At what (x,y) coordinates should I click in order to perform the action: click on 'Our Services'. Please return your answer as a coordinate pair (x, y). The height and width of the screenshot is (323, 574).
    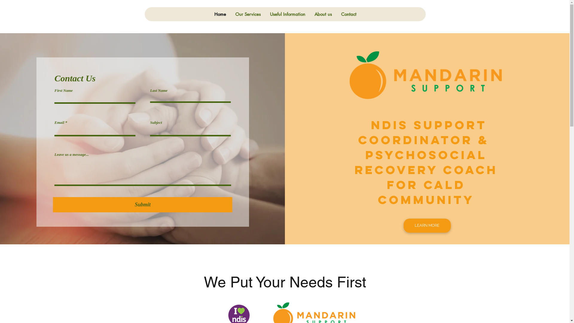
    Looking at the image, I should click on (248, 14).